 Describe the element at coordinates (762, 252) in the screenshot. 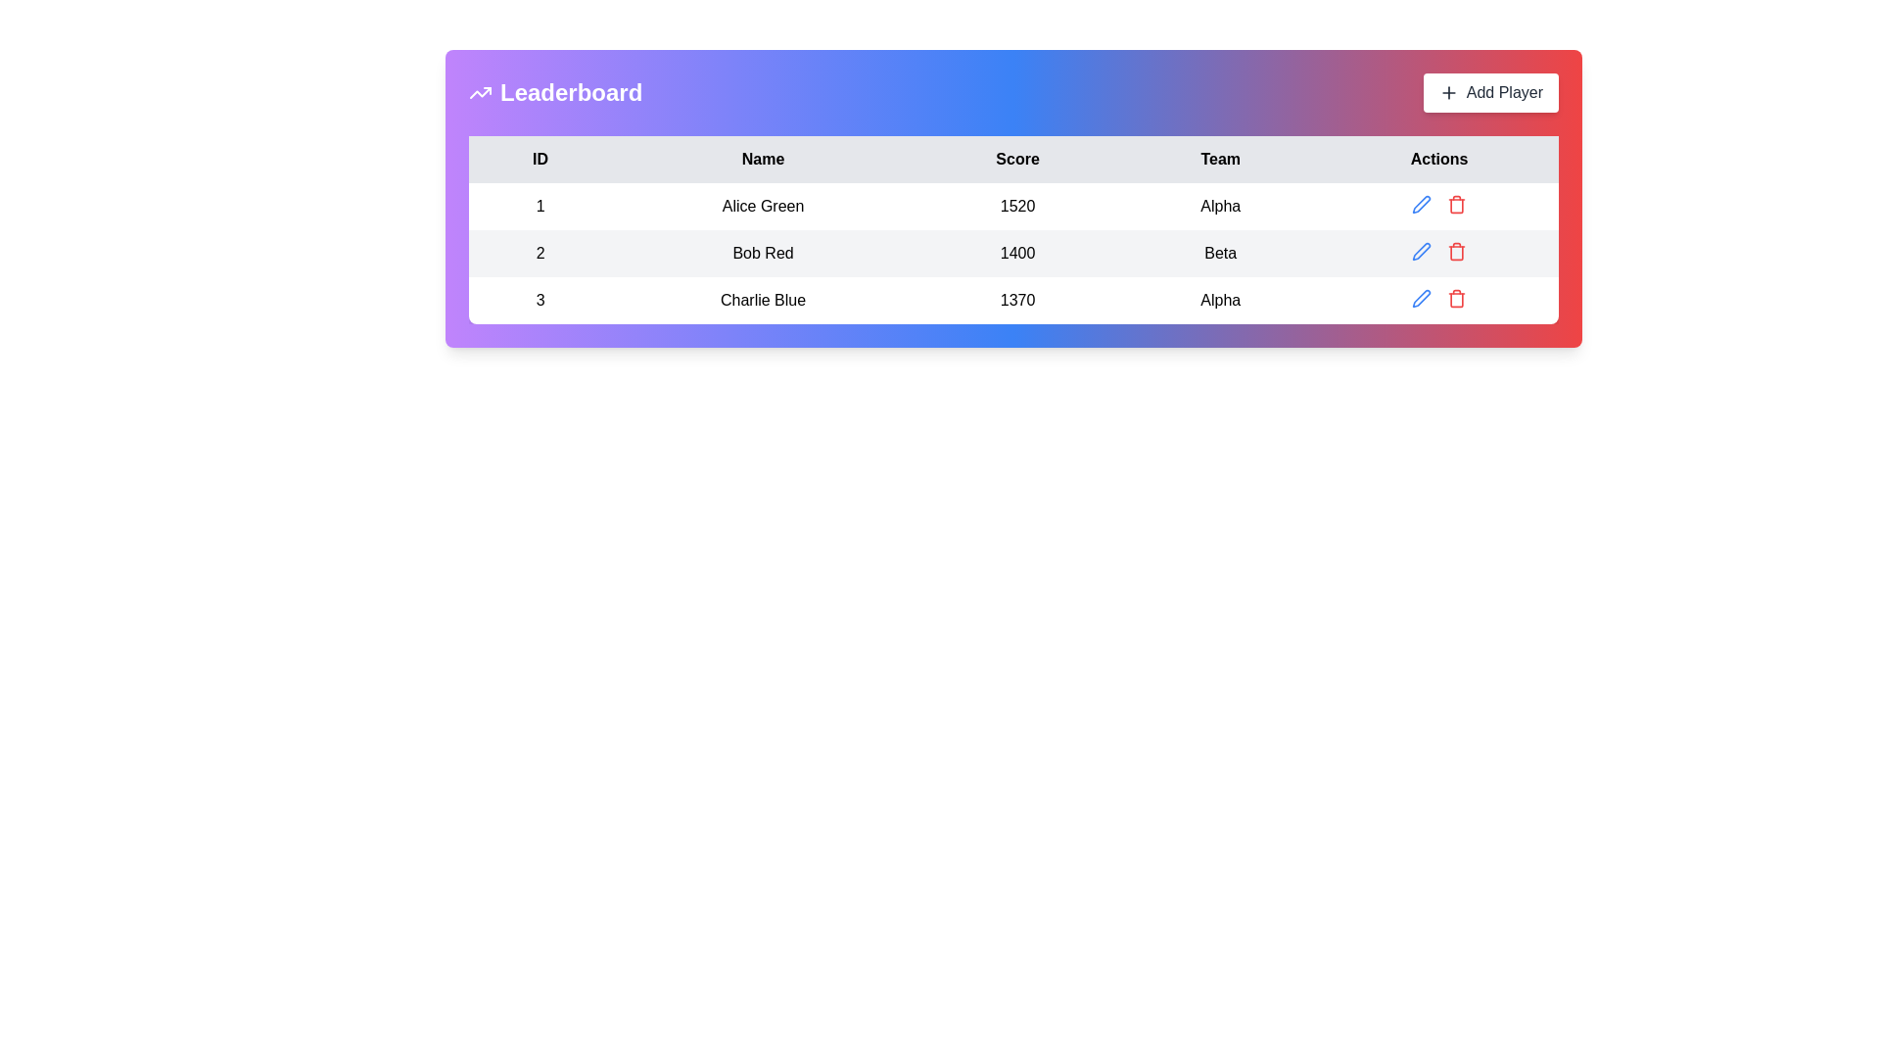

I see `the text label displaying 'Bob Red' in bold font, located in the second column of the row with ID '2' under the 'Name' header in the leaderboard table` at that location.